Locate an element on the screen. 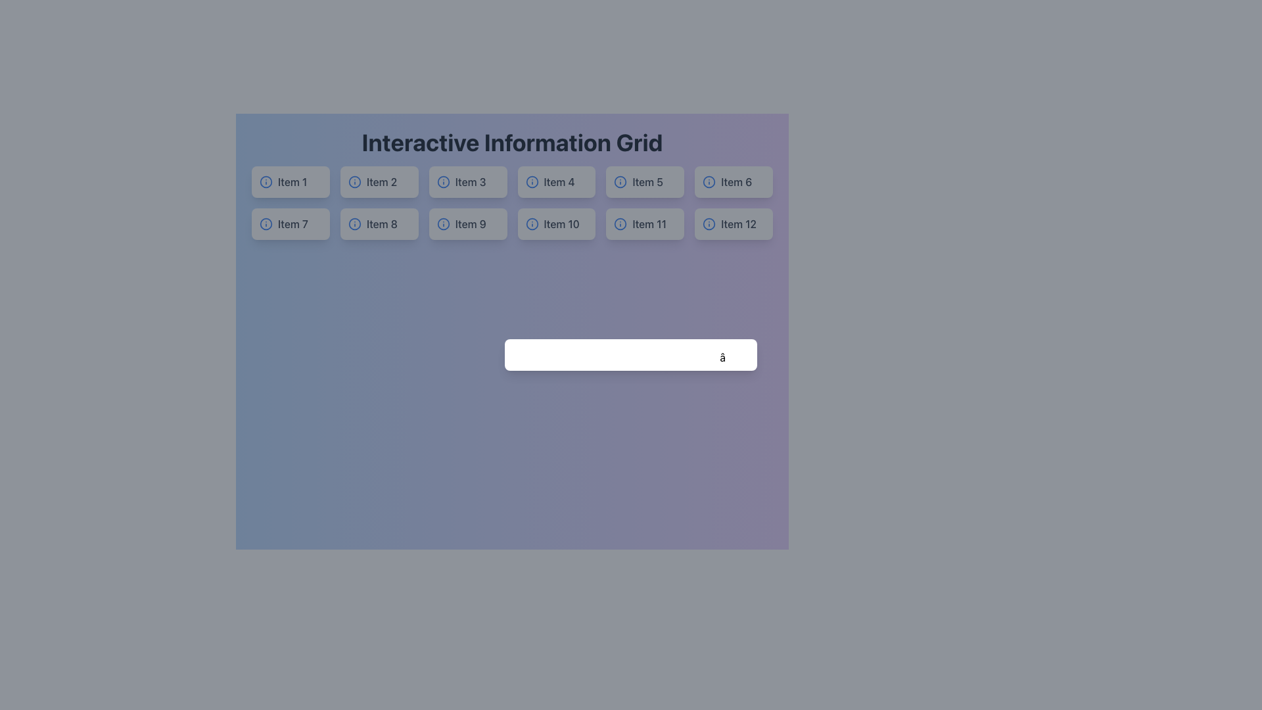  the Text Label that serves as a descriptive label for a button located in the leftmost column of the second row within the grid, accompanied by an icon is located at coordinates (292, 223).